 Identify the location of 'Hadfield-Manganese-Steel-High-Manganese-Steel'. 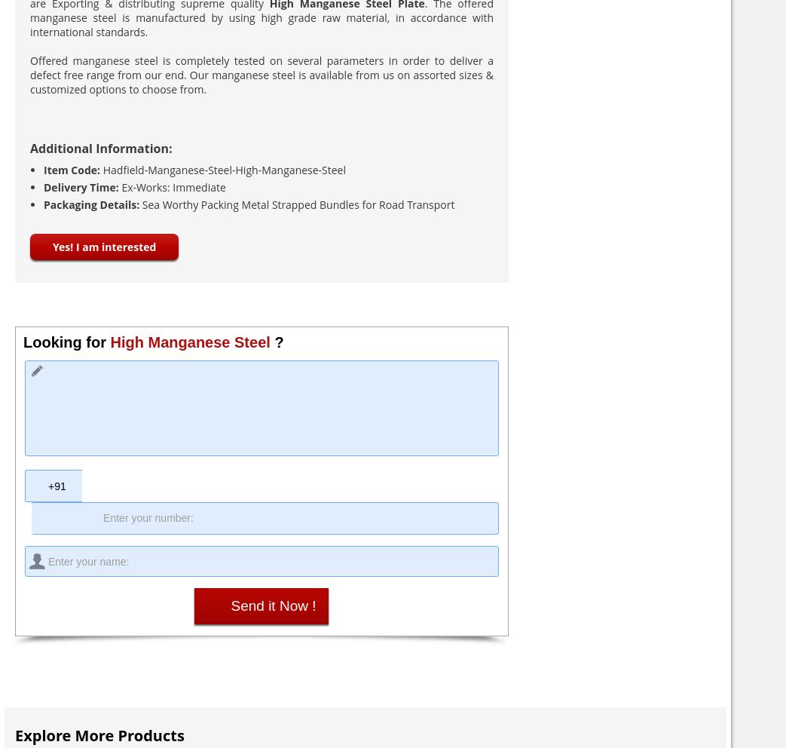
(224, 170).